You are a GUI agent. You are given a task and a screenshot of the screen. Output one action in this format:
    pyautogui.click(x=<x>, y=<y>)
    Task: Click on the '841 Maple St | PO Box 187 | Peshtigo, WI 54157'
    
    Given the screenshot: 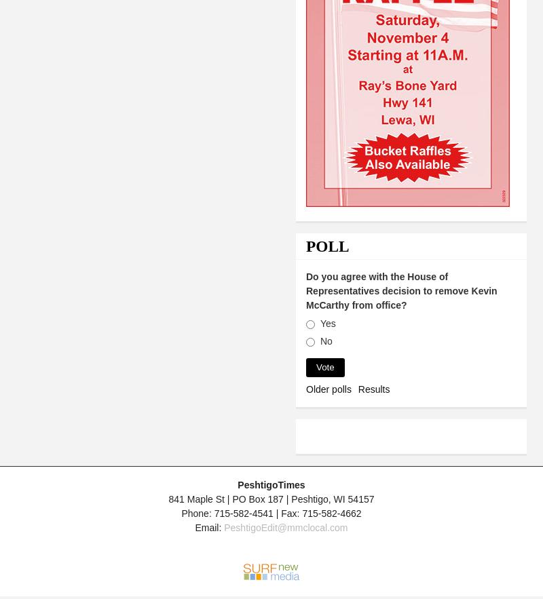 What is the action you would take?
    pyautogui.click(x=168, y=498)
    